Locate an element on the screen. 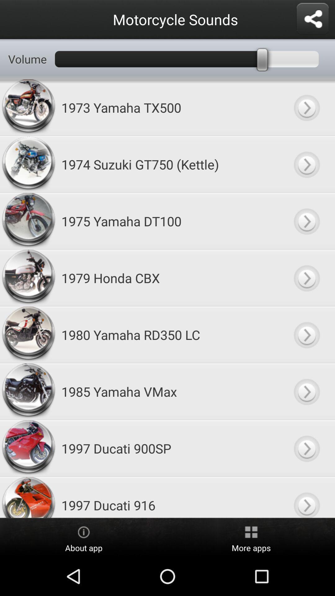 Image resolution: width=335 pixels, height=596 pixels. next 1974 suzuki is located at coordinates (306, 164).